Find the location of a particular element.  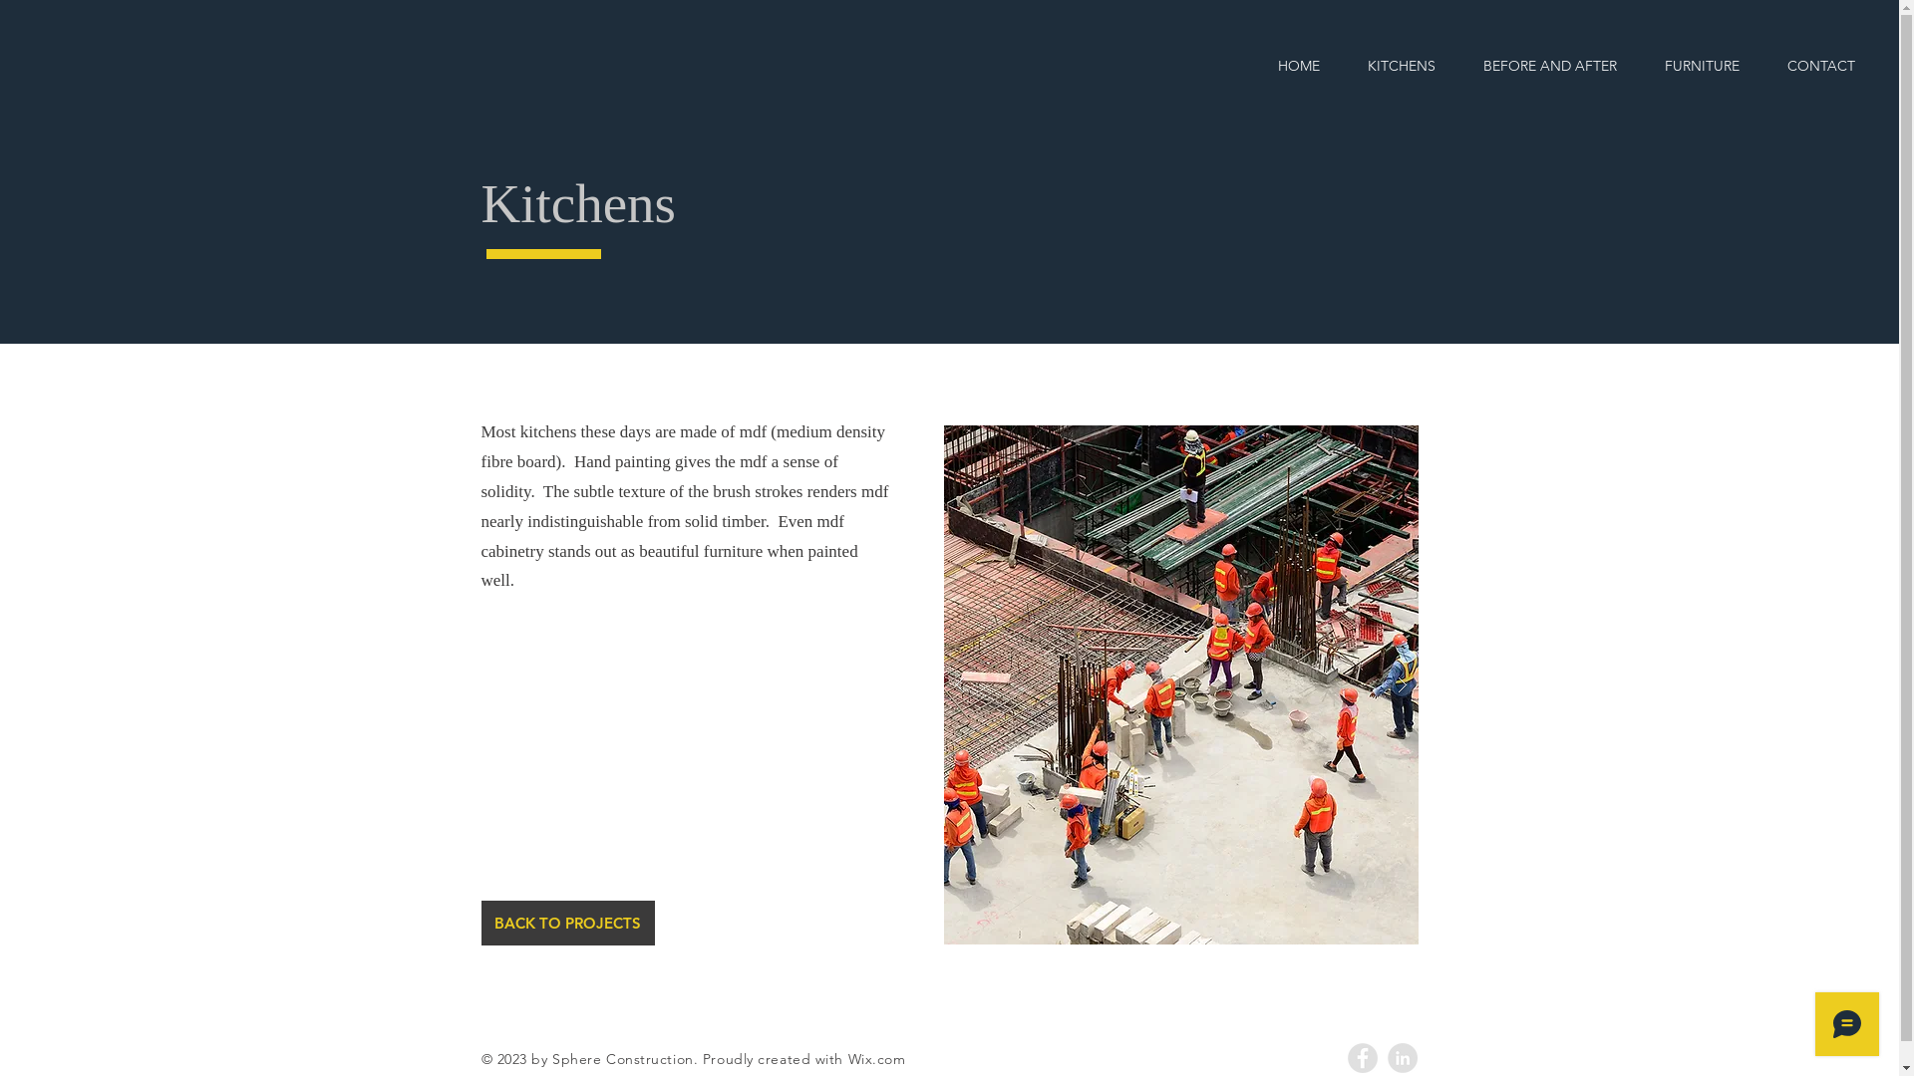

'HOME' is located at coordinates (1252, 65).